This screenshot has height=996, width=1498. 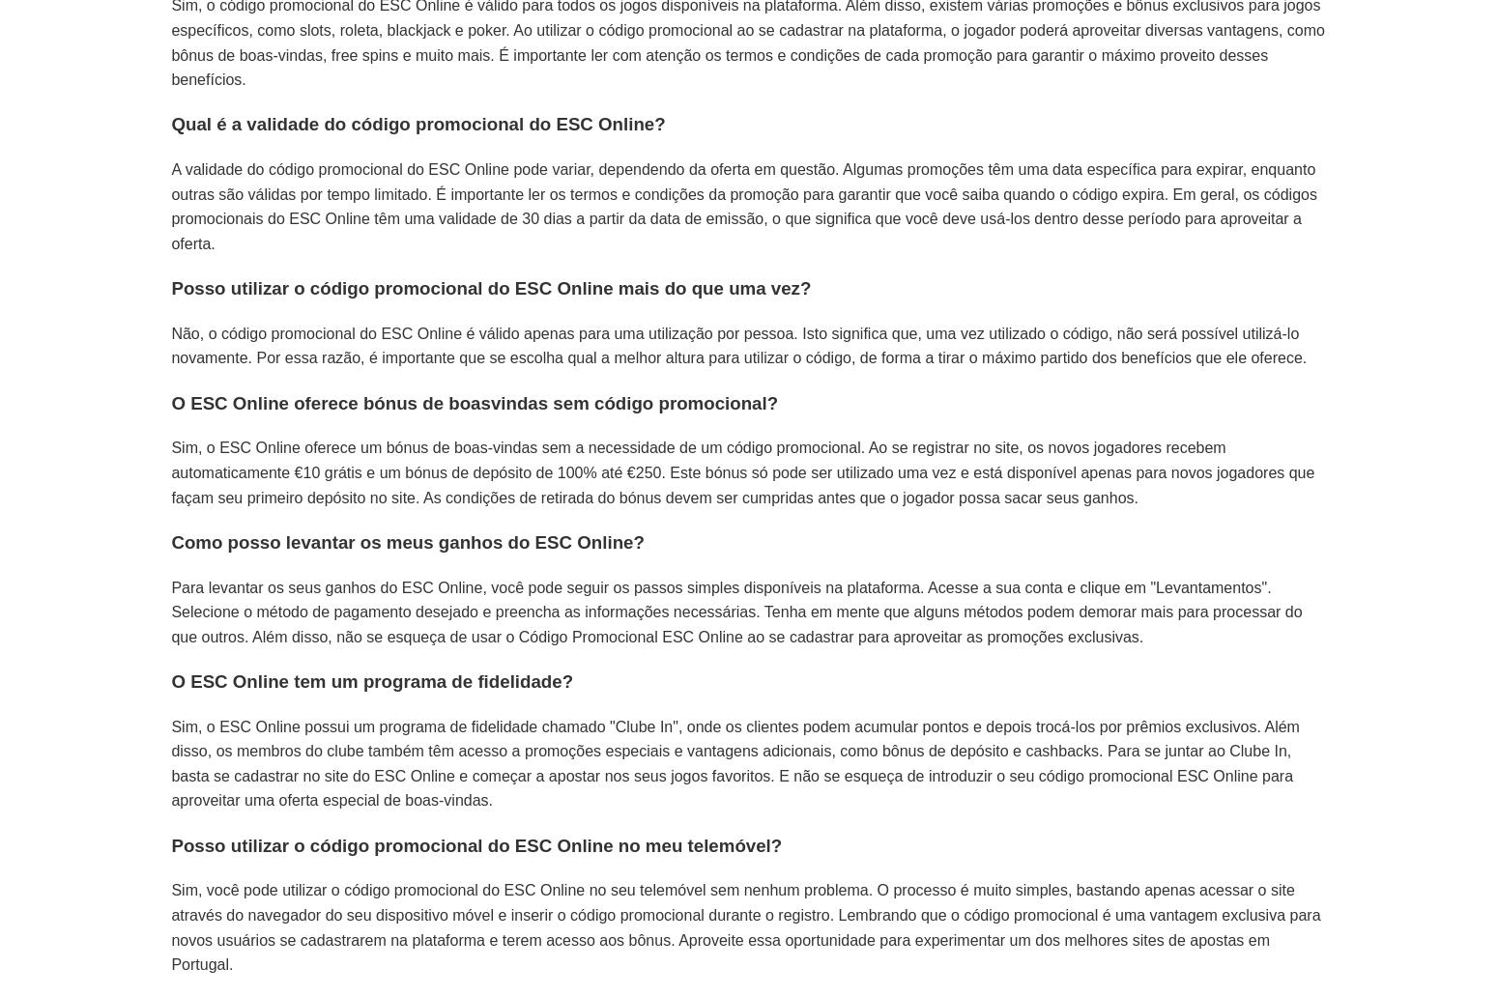 What do you see at coordinates (743, 206) in the screenshot?
I see `'A validade do código promocional do ESC Online pode variar, dependendo da oferta em questão. Algumas promoções têm uma data específica para expirar, enquanto outras são válidas por tempo limitado. É importante ler os termos e condições da promoção para garantir que você saiba quando o código expira. Em geral, os códigos promocionais do ESC Online têm uma validade de 30 dias a partir da data de emissão, o que significa que você deve usá-los dentro desse período para aproveitar a oferta.'` at bounding box center [743, 206].